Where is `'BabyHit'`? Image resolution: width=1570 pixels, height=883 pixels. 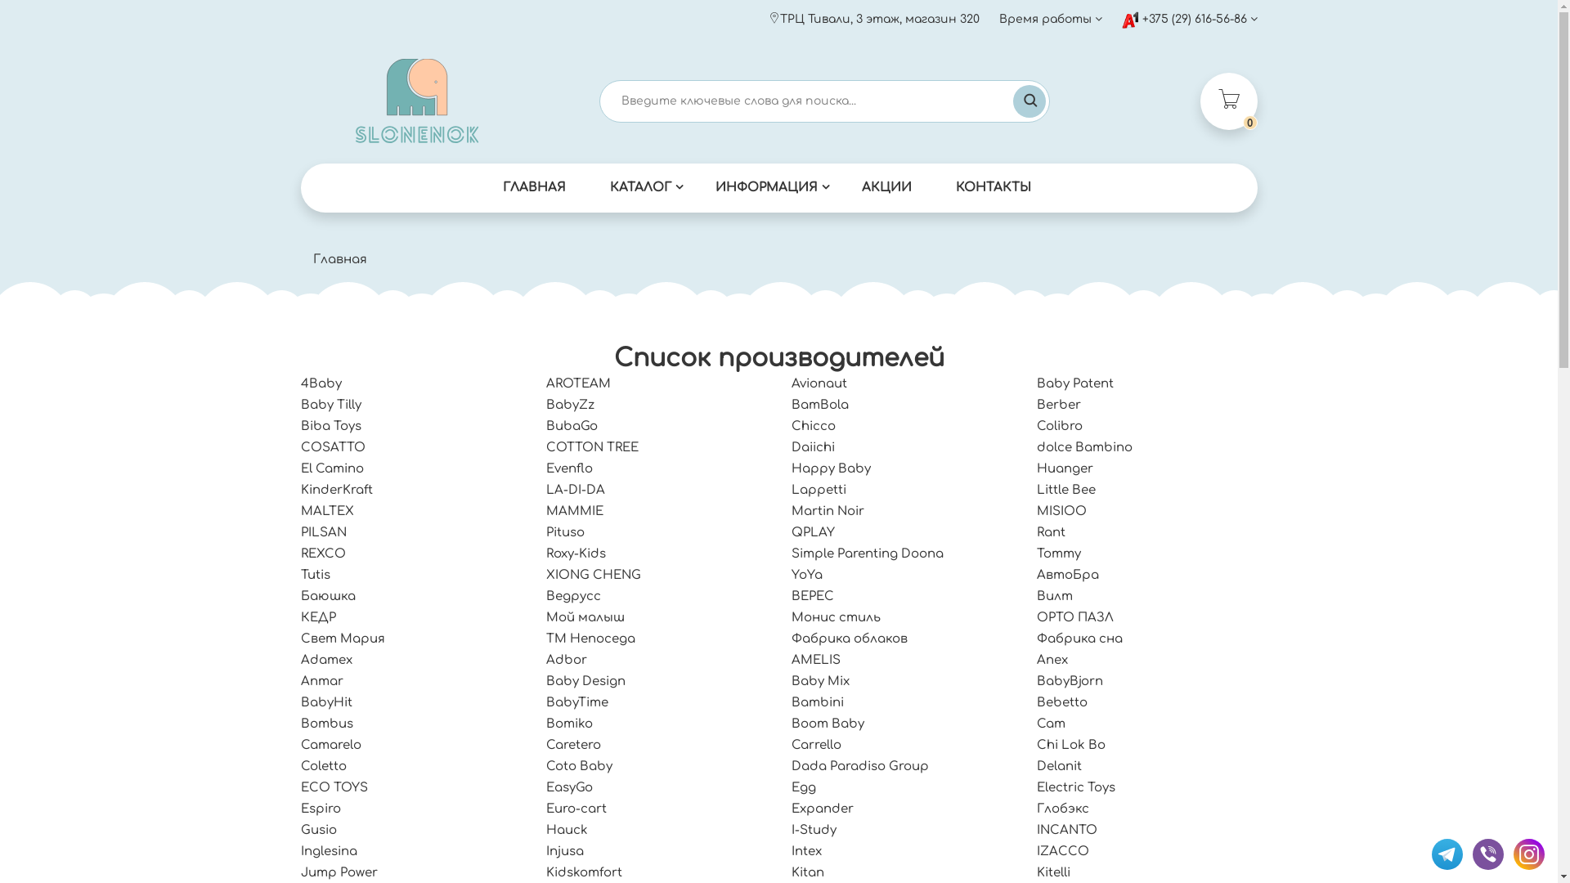
'BabyHit' is located at coordinates (326, 701).